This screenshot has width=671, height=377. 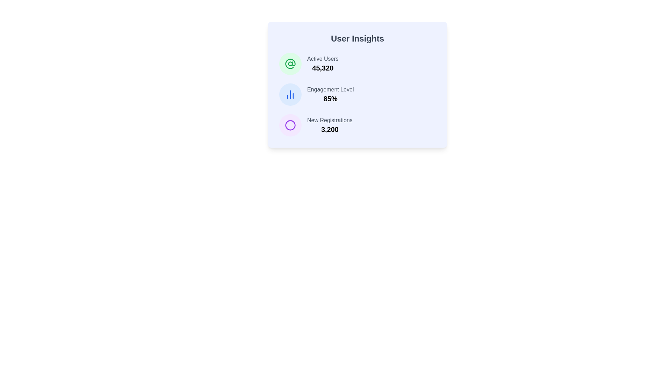 What do you see at coordinates (290, 94) in the screenshot?
I see `the icon resembling a bar chart with three vertical bars of varying heights, displayed in a blue shade, which is the second item in the vertical list of elements under the 'User Insights' panel` at bounding box center [290, 94].